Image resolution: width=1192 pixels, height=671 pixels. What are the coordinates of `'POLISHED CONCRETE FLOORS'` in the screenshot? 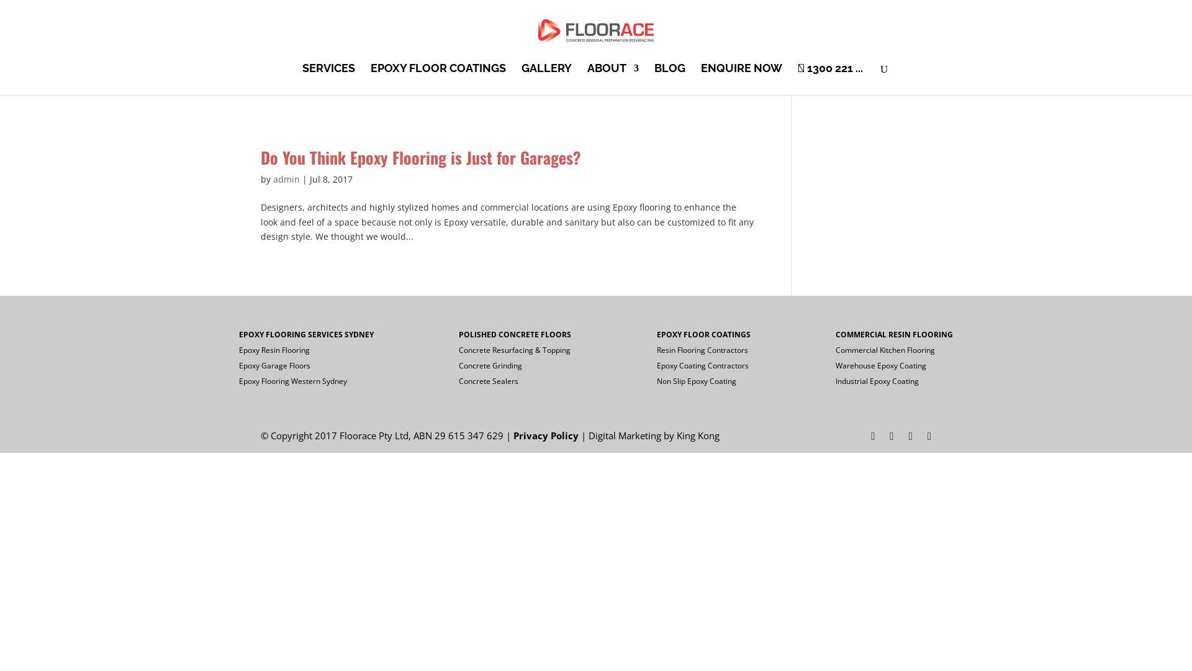 It's located at (458, 334).